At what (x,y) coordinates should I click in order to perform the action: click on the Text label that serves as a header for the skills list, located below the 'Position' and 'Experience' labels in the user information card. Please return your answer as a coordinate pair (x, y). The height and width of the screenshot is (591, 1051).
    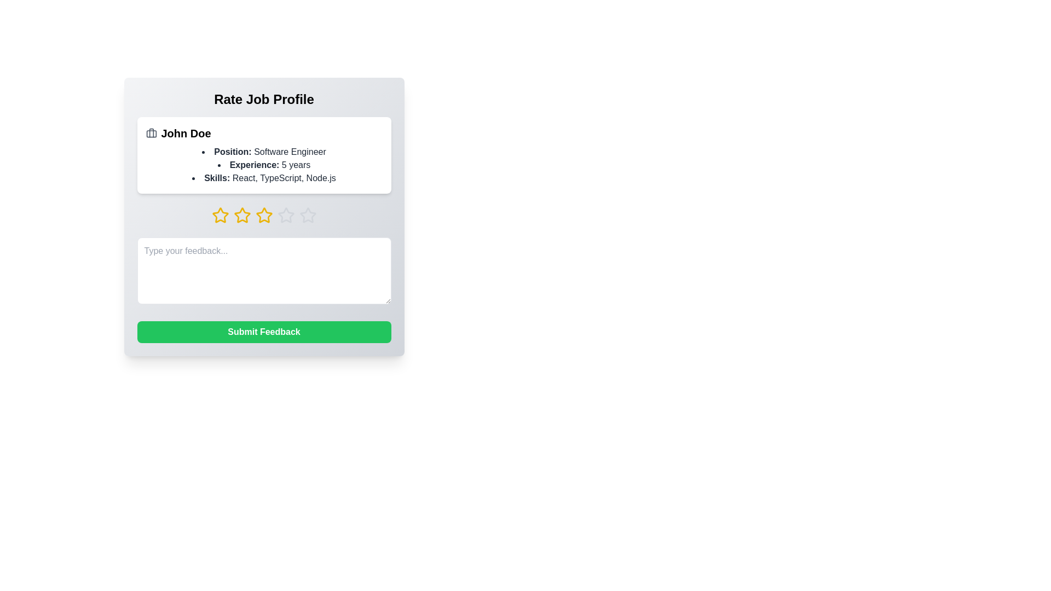
    Looking at the image, I should click on (217, 177).